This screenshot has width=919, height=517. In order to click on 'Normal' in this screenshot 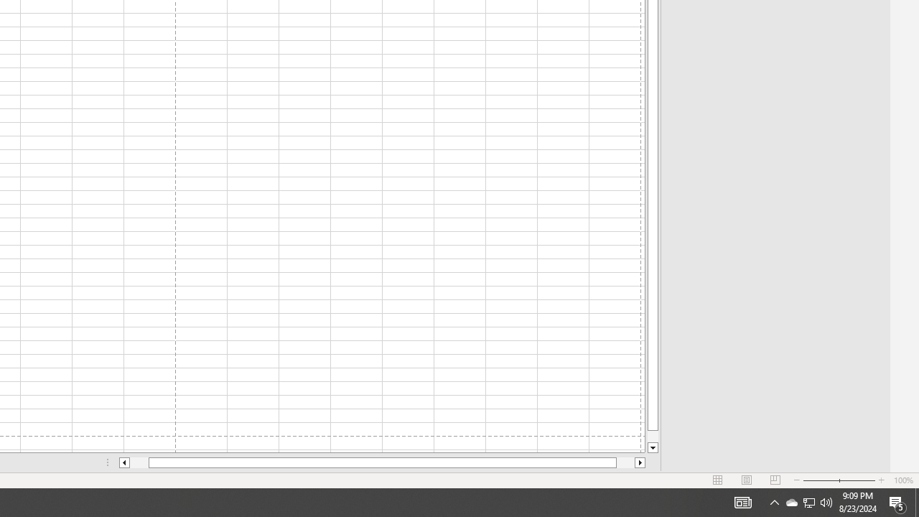, I will do `click(718, 480)`.